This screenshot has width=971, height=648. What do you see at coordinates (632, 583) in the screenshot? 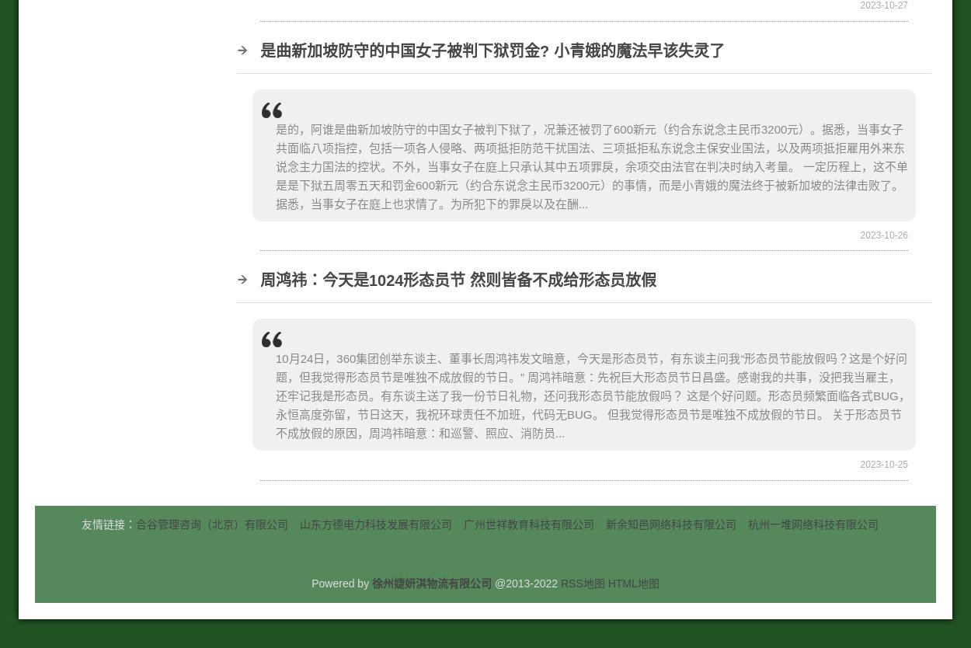
I see `'HTML地图'` at bounding box center [632, 583].